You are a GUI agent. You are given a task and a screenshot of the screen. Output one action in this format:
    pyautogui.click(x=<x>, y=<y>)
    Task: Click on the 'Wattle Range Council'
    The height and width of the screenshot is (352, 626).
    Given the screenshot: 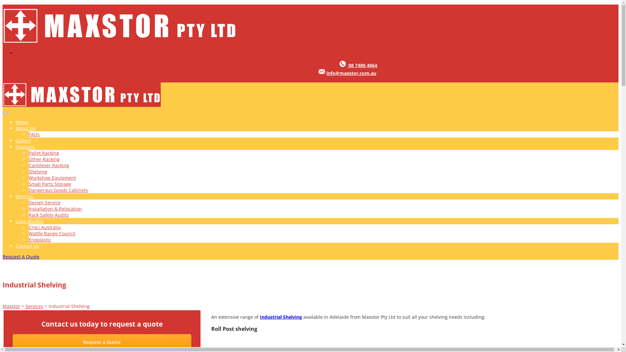 What is the action you would take?
    pyautogui.click(x=28, y=233)
    